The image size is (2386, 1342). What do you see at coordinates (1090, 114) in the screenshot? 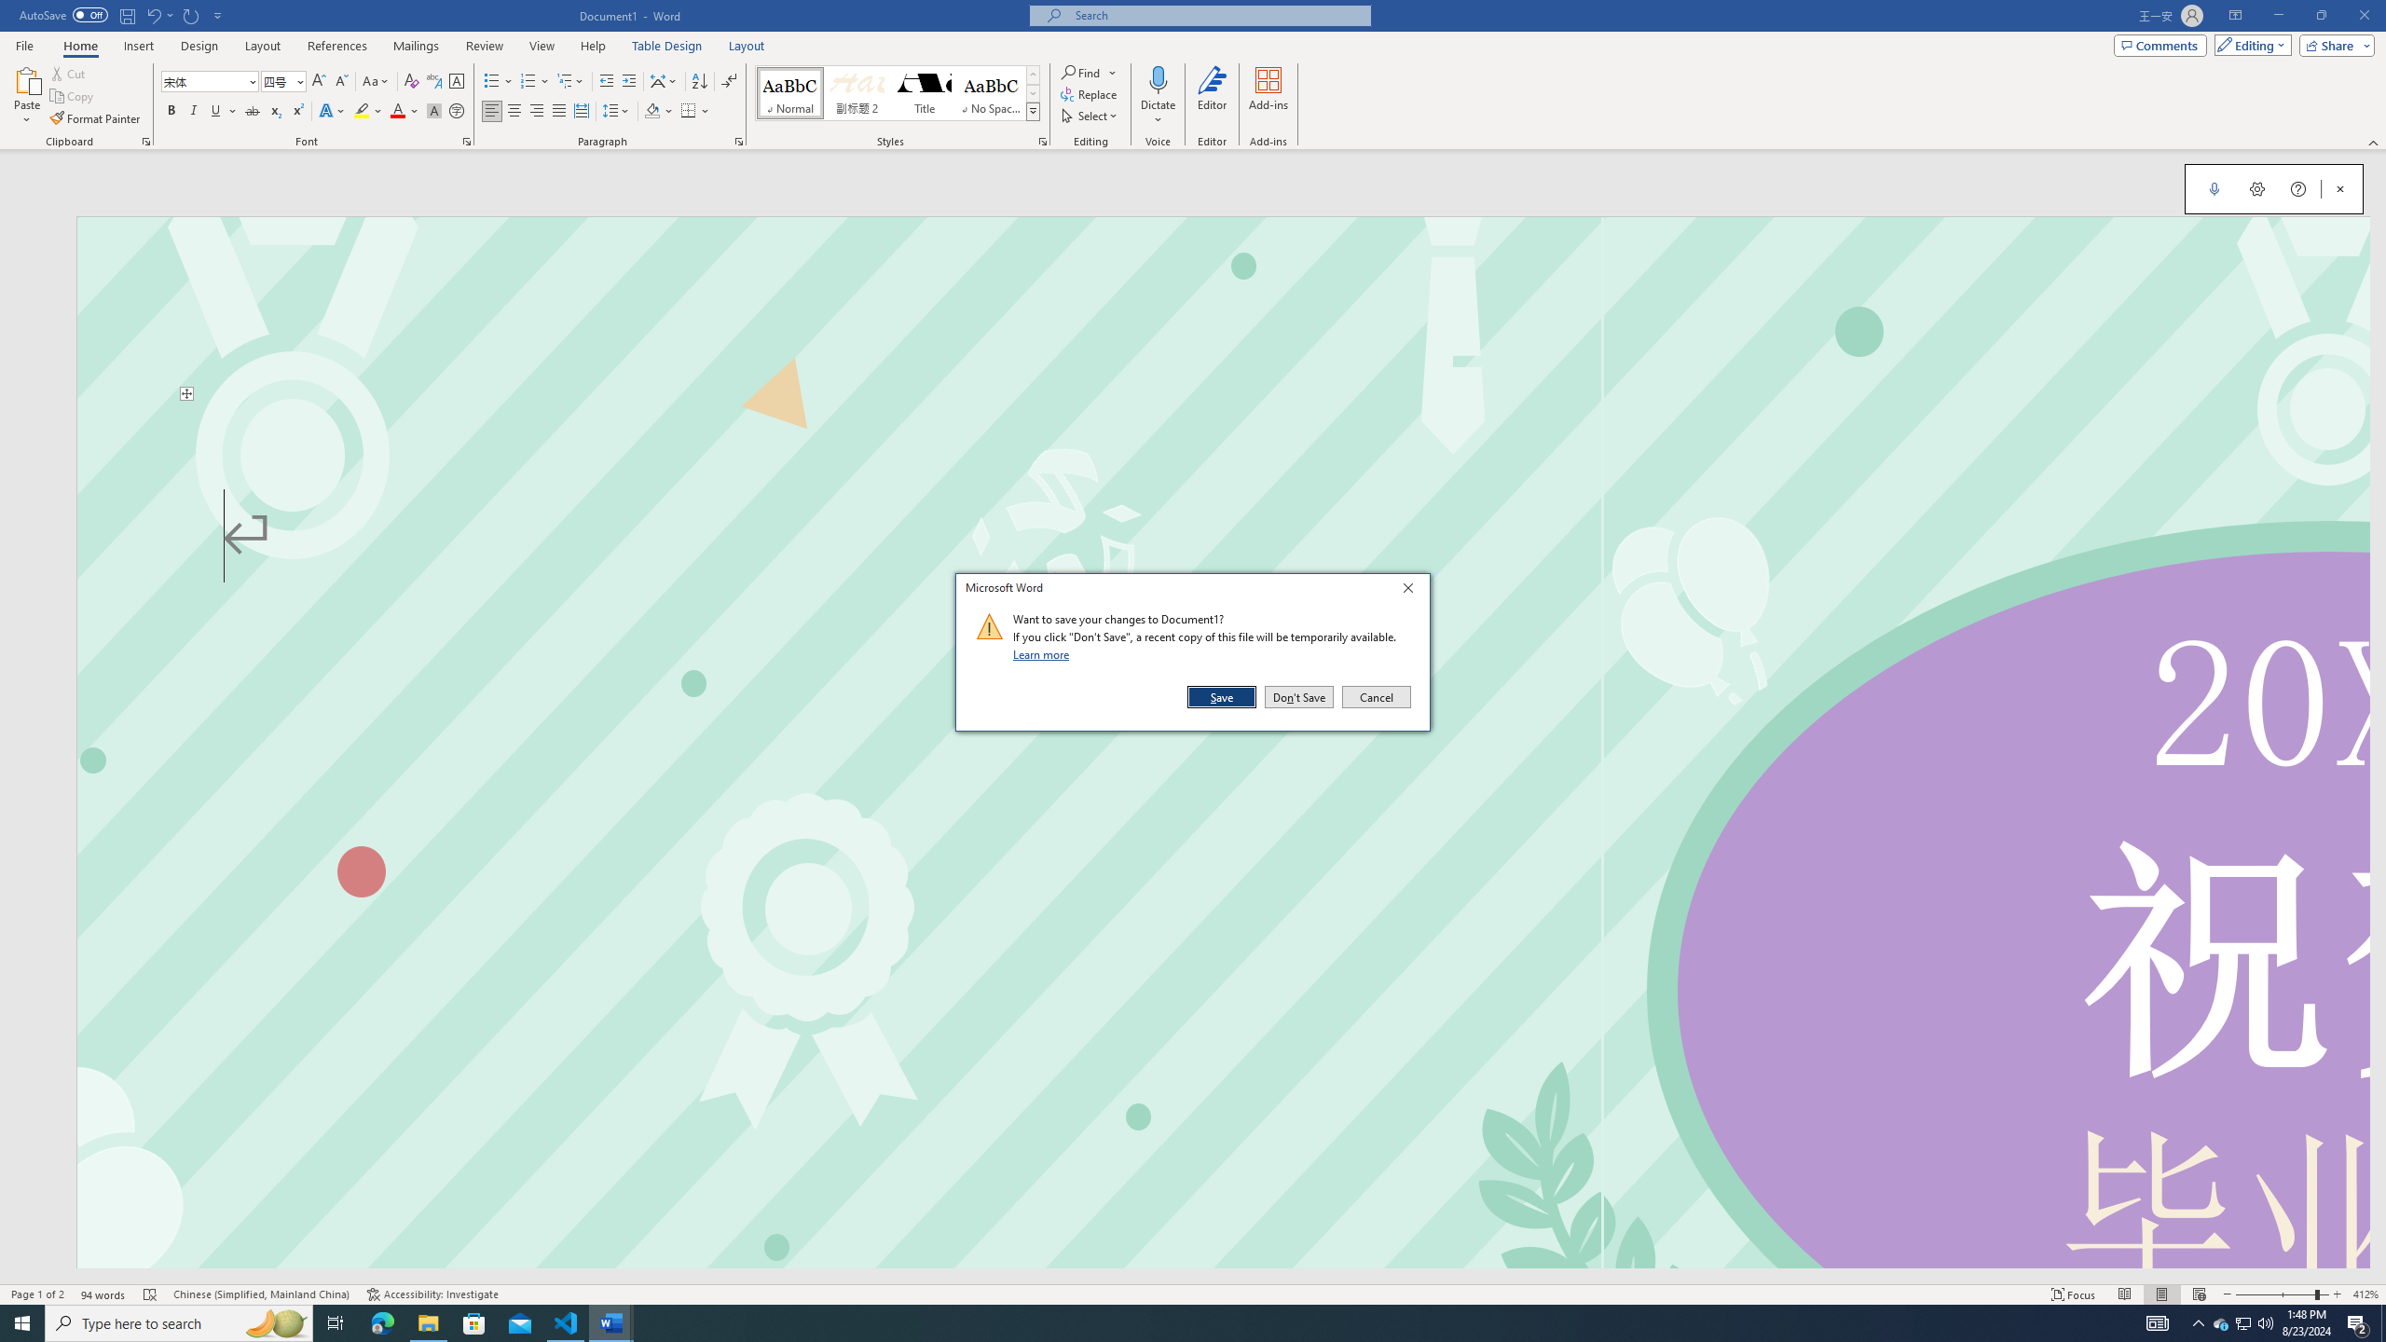
I see `'Select'` at bounding box center [1090, 114].